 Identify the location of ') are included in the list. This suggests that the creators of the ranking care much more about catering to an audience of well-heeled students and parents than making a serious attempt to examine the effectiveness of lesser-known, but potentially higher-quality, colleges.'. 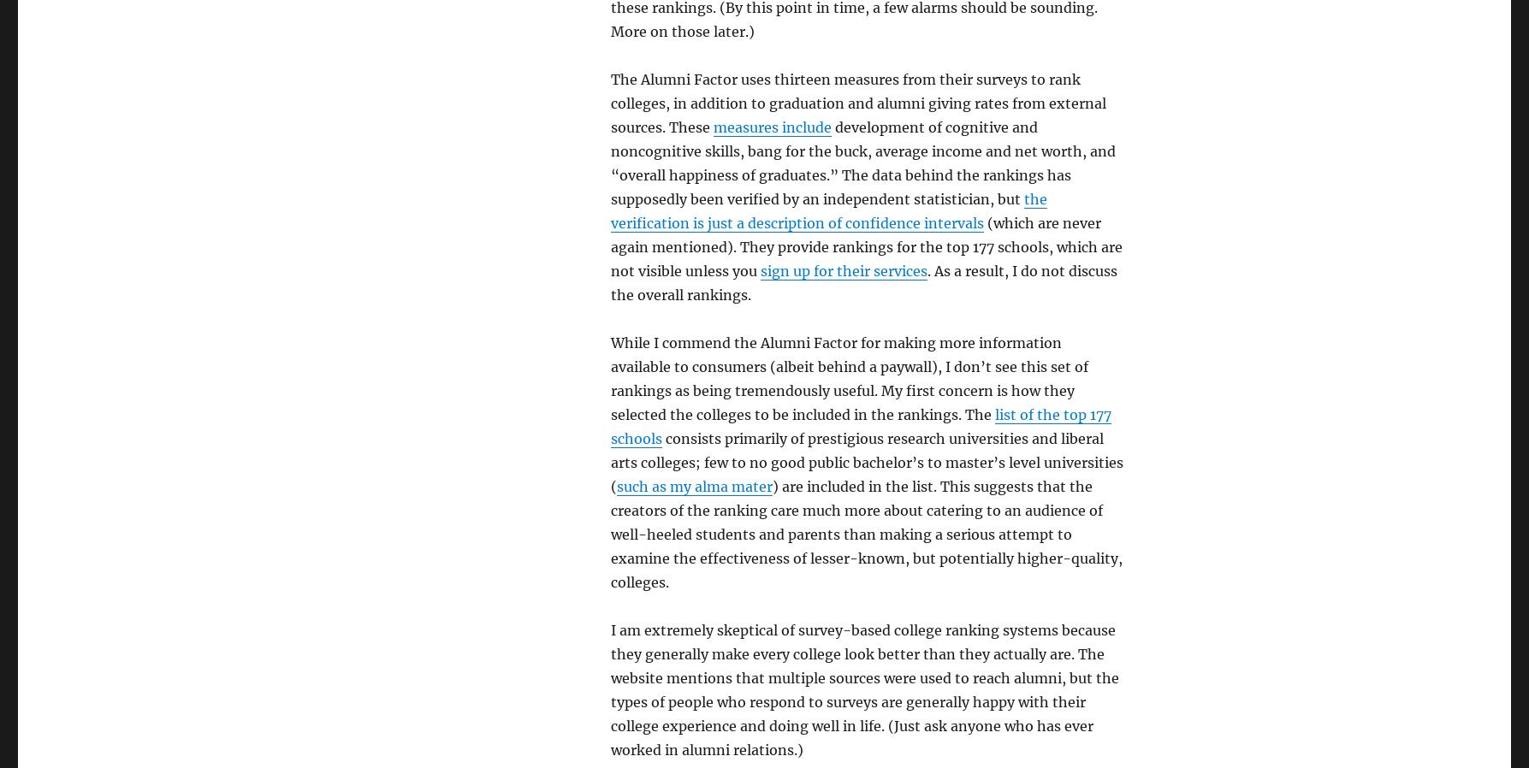
(864, 534).